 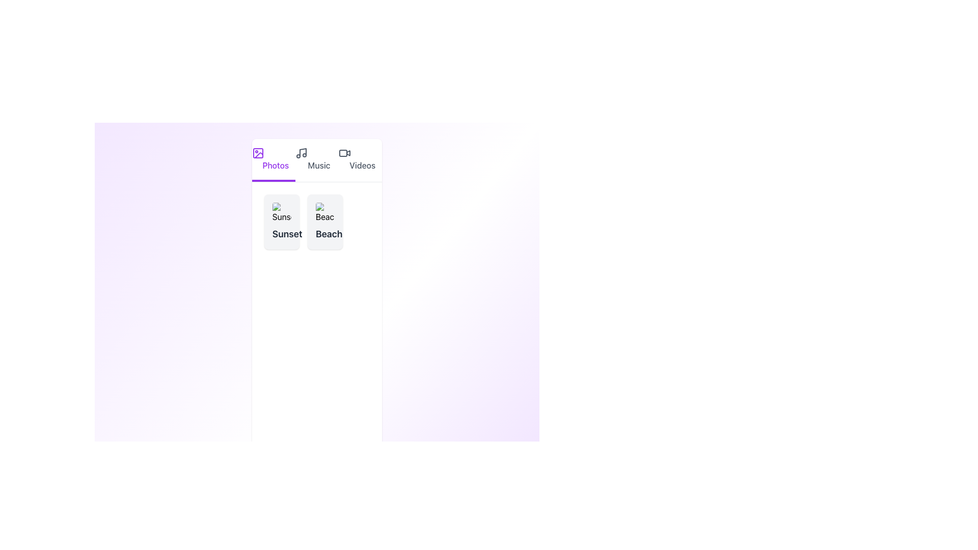 I want to click on the 'Sunset' thumbnail image in the 'Photos' section of the gallery interface, so click(x=281, y=212).